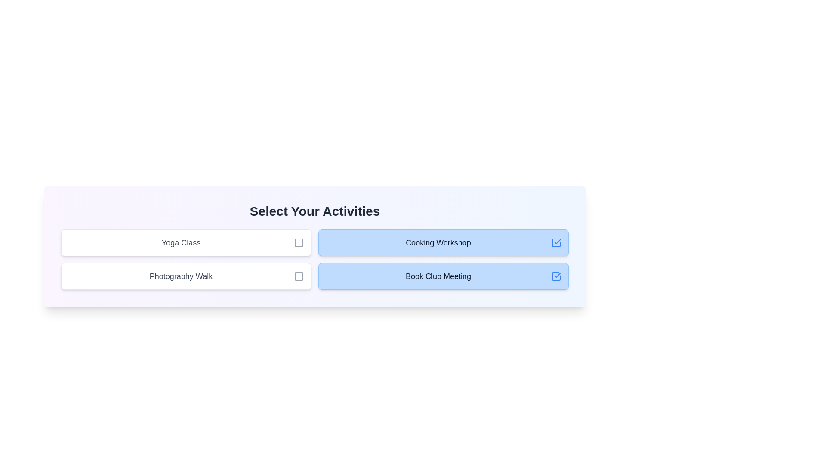 The image size is (826, 465). What do you see at coordinates (299, 242) in the screenshot?
I see `the activity identified by its name Yoga Class` at bounding box center [299, 242].